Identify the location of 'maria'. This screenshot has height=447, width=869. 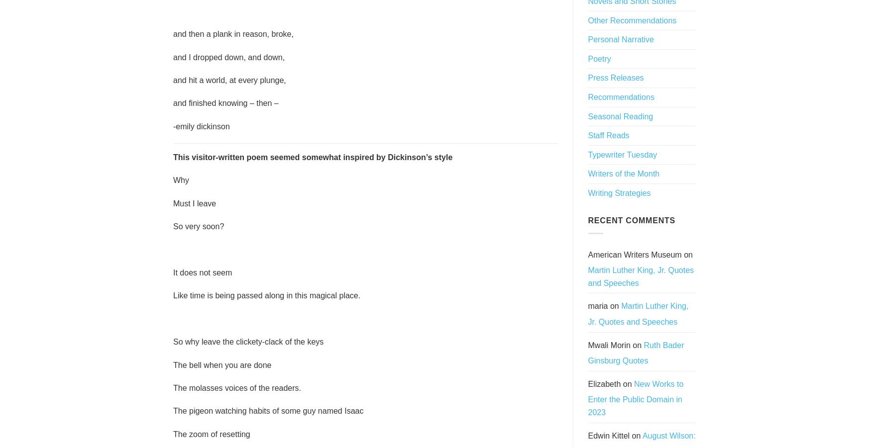
(598, 305).